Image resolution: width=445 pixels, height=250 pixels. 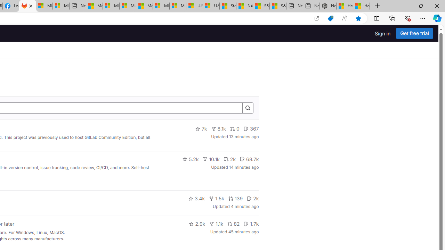 What do you see at coordinates (111, 6) in the screenshot?
I see `'Microsoft account | Privacy'` at bounding box center [111, 6].